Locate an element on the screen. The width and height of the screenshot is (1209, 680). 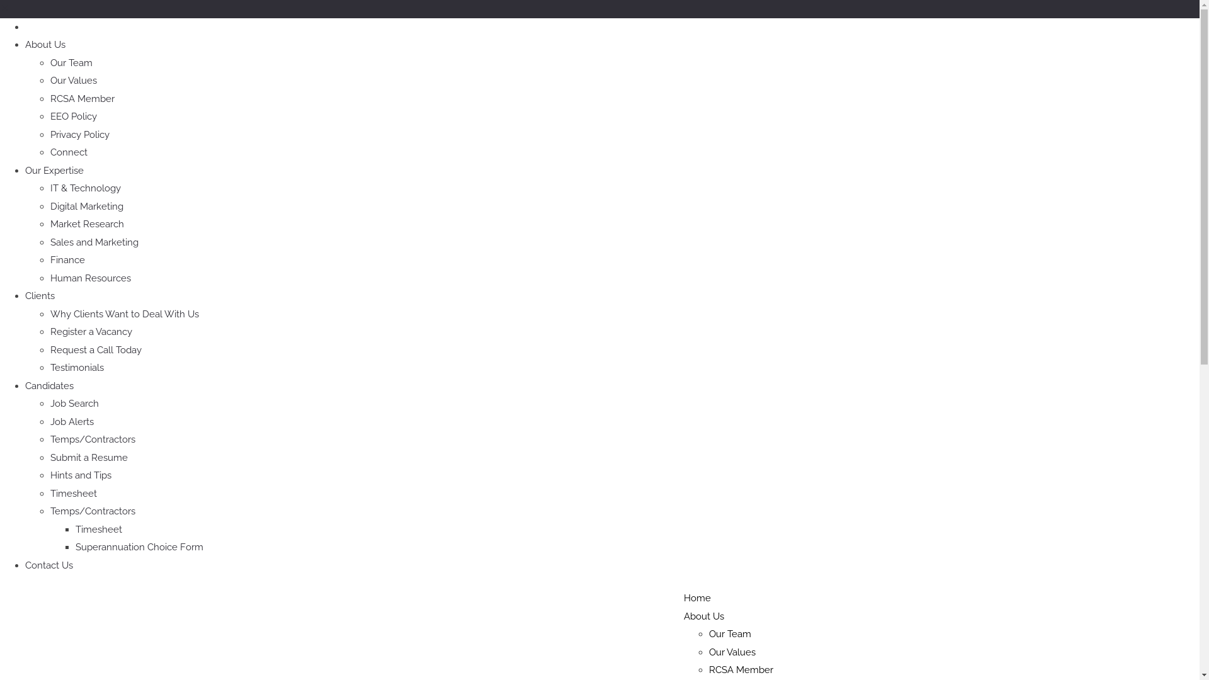
'Market Research' is located at coordinates (86, 223).